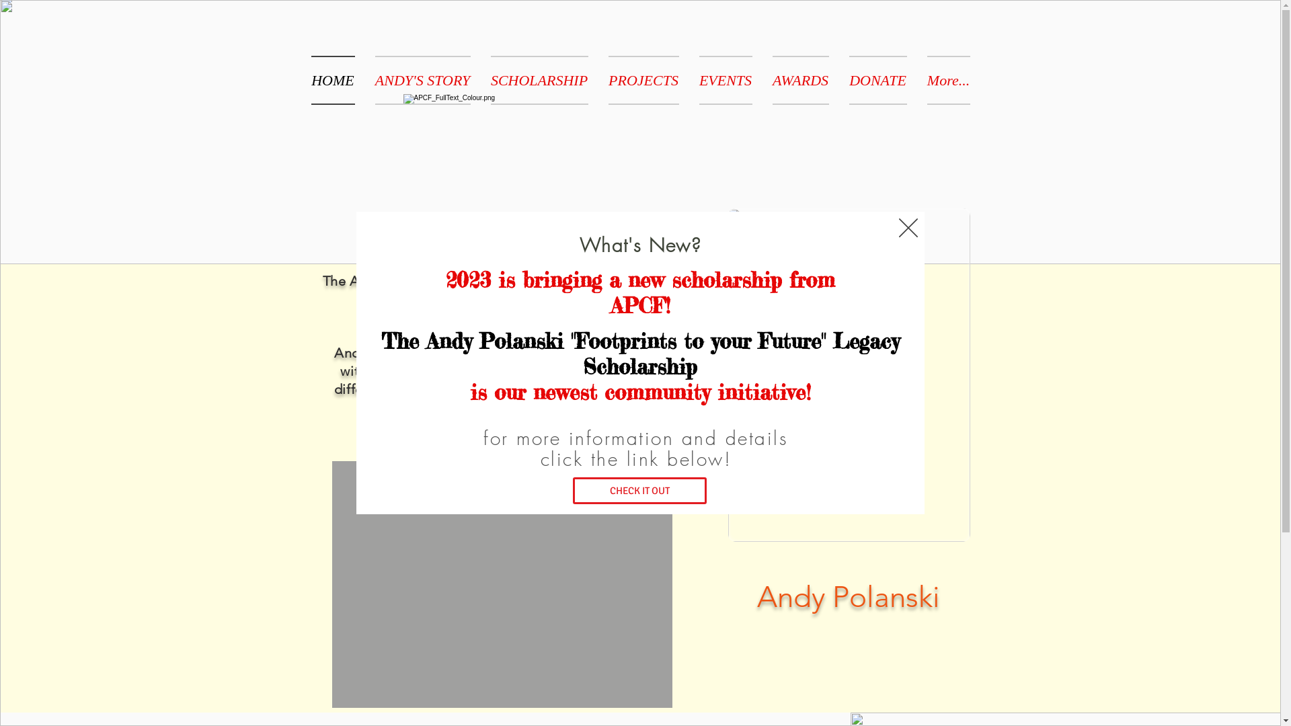  I want to click on 'HOME', so click(338, 80).